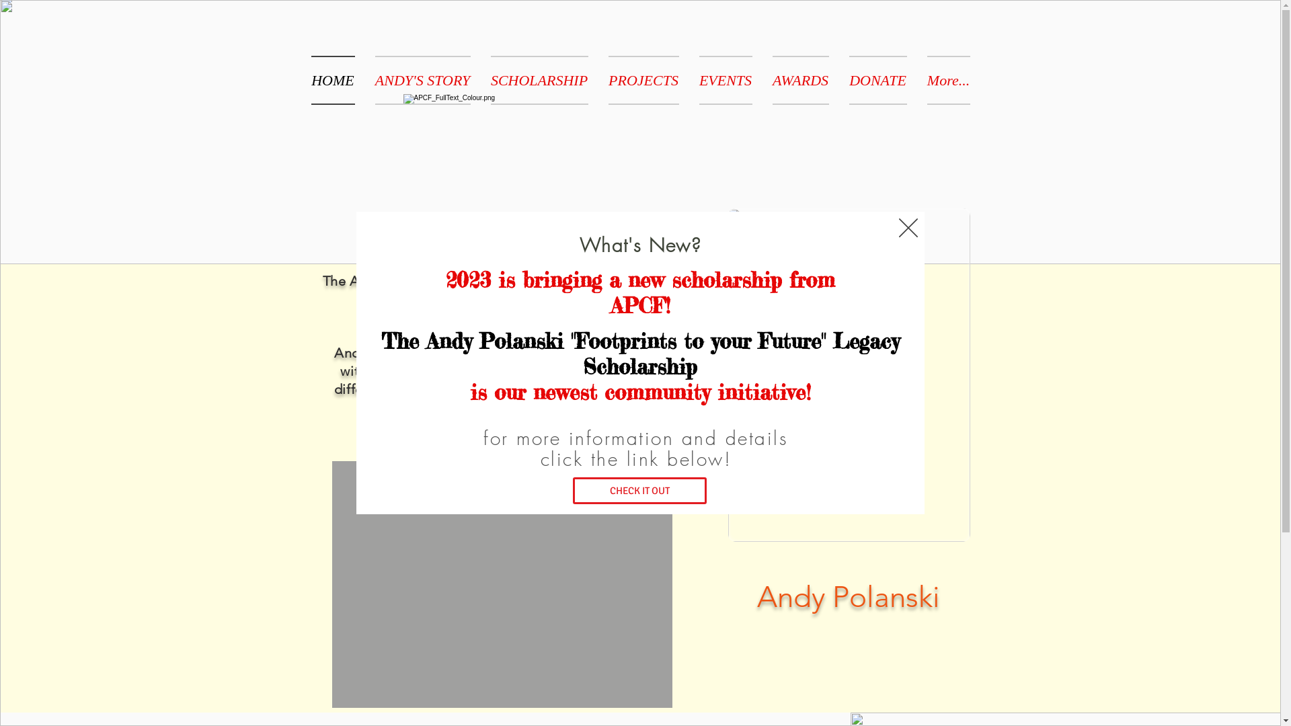  I want to click on 'HOME', so click(338, 80).